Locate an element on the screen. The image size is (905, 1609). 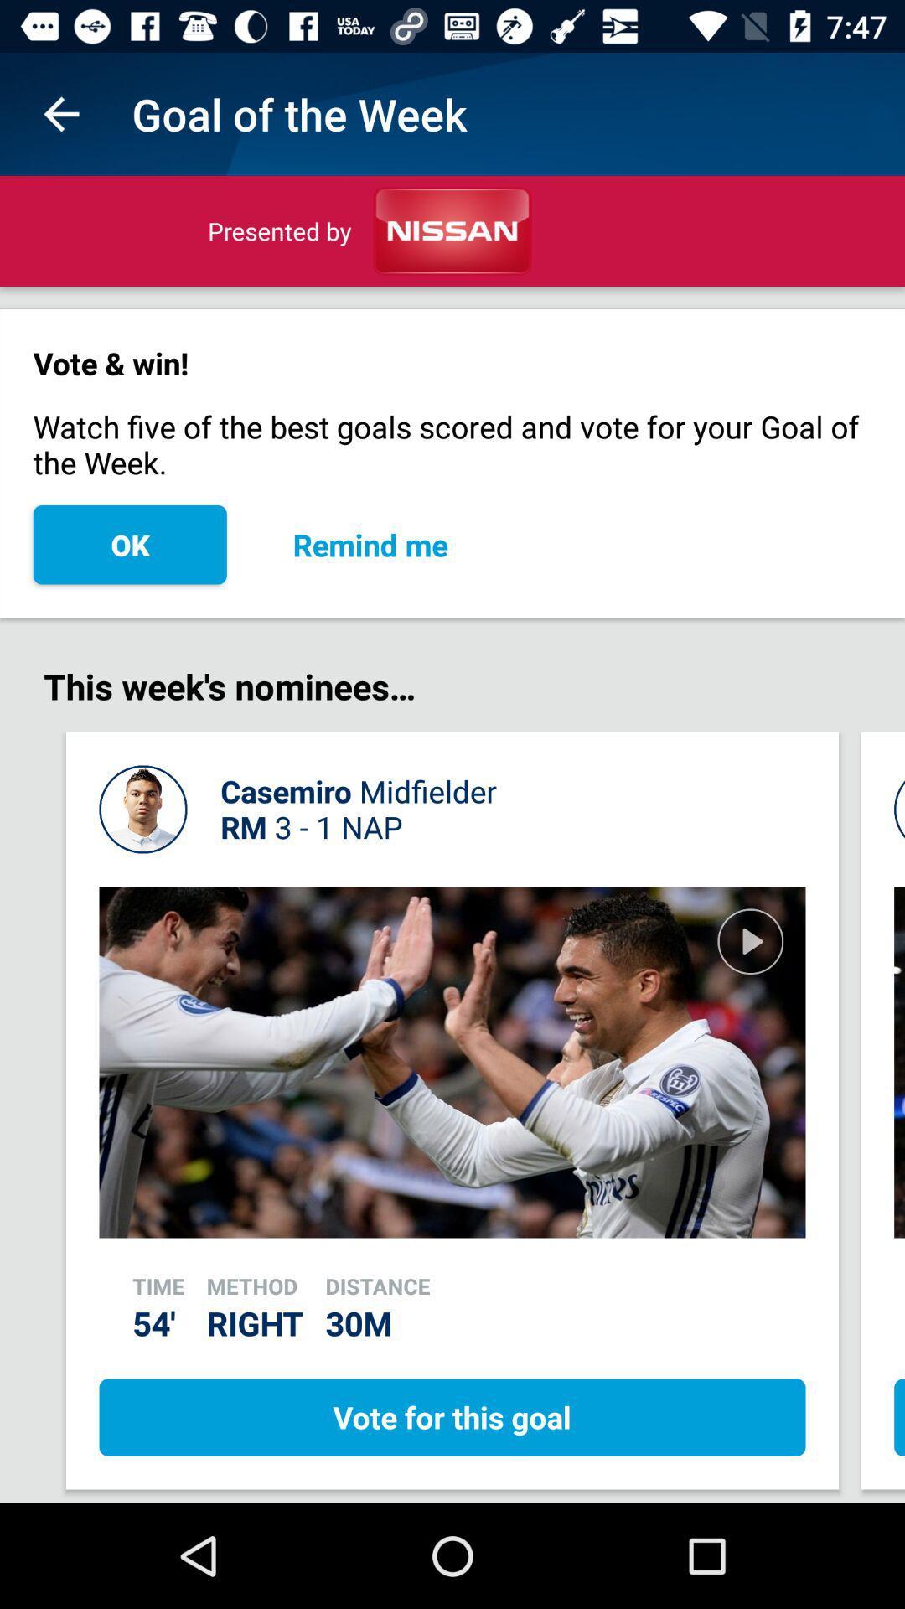
icon to the left of remind me icon is located at coordinates (129, 545).